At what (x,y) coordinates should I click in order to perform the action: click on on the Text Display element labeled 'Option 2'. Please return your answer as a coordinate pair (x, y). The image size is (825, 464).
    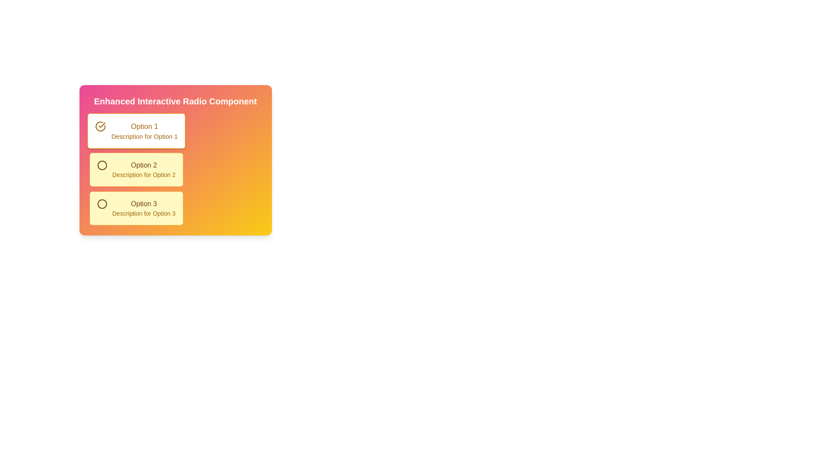
    Looking at the image, I should click on (144, 169).